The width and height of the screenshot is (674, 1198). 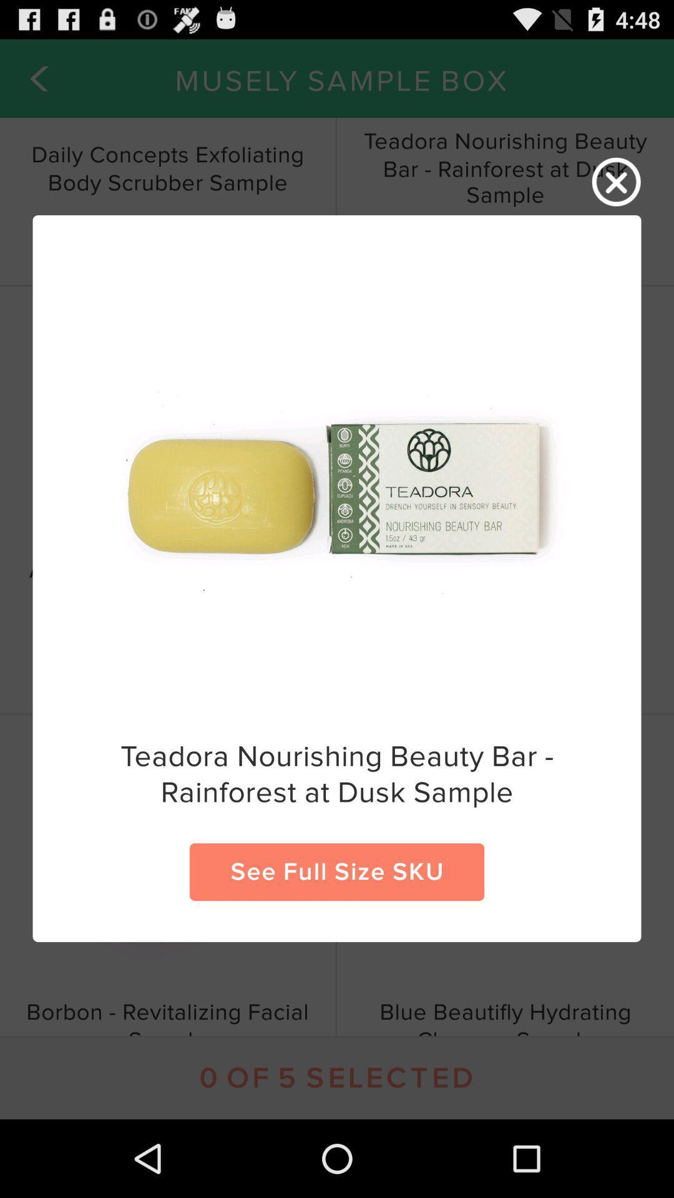 What do you see at coordinates (337, 871) in the screenshot?
I see `icon at the bottom` at bounding box center [337, 871].